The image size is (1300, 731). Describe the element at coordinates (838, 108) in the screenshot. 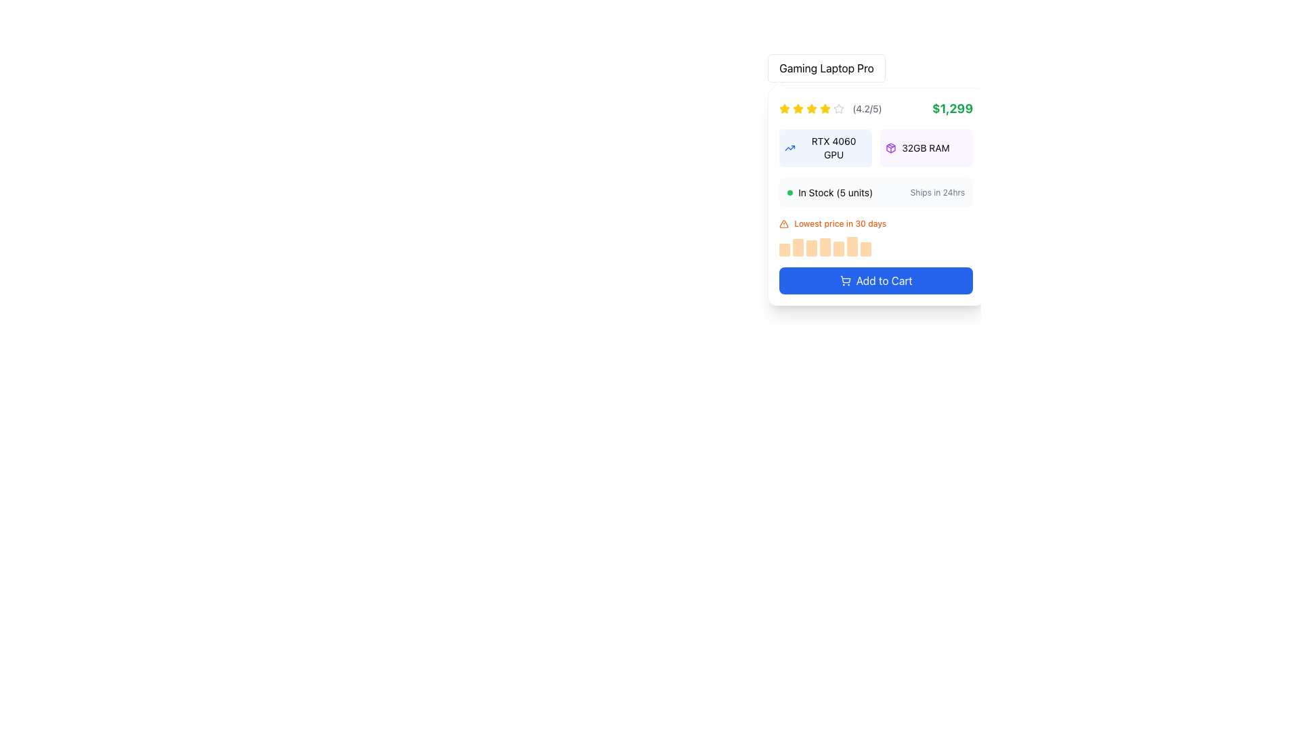

I see `the sixth outlined star in the star rating system, which is gray and located near the top left of the product card, immediately after five filled yellow stars` at that location.